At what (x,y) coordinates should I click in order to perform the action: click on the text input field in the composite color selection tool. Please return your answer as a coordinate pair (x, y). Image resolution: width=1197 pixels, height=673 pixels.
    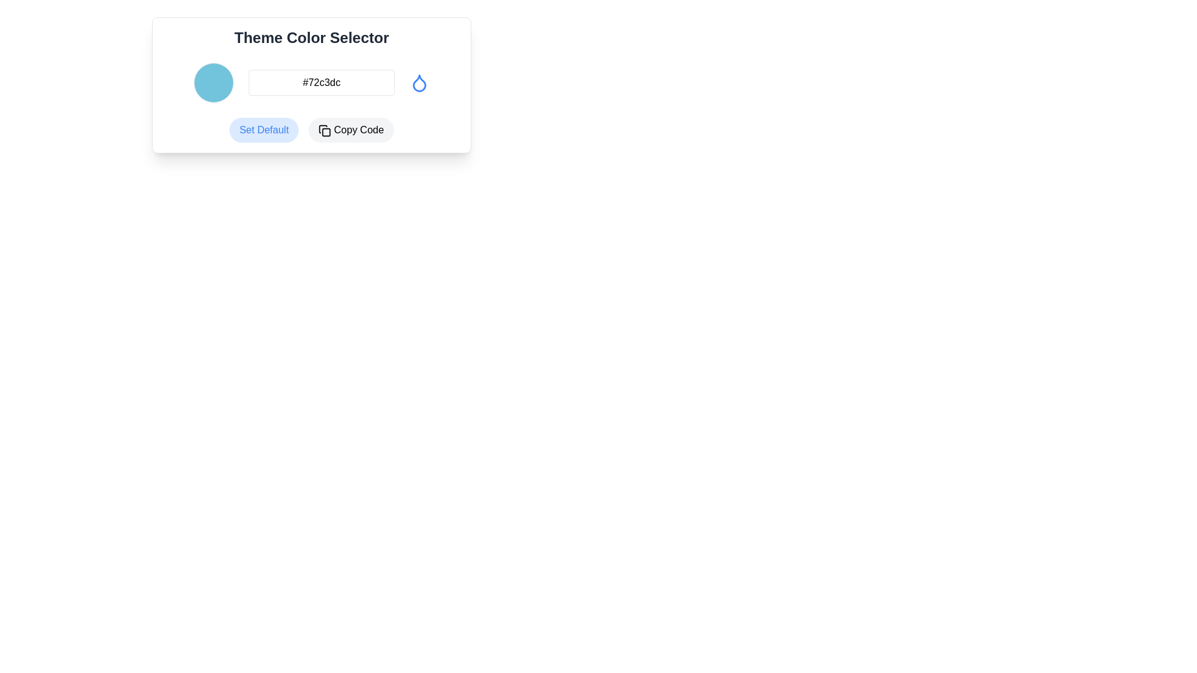
    Looking at the image, I should click on (311, 82).